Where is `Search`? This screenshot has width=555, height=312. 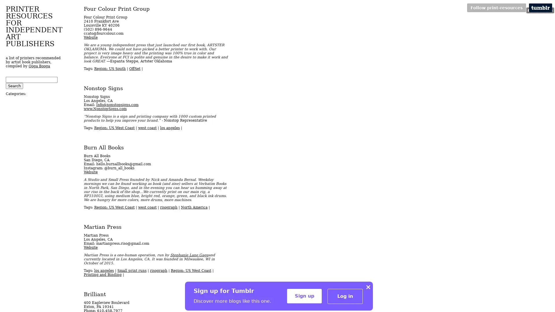 Search is located at coordinates (14, 86).